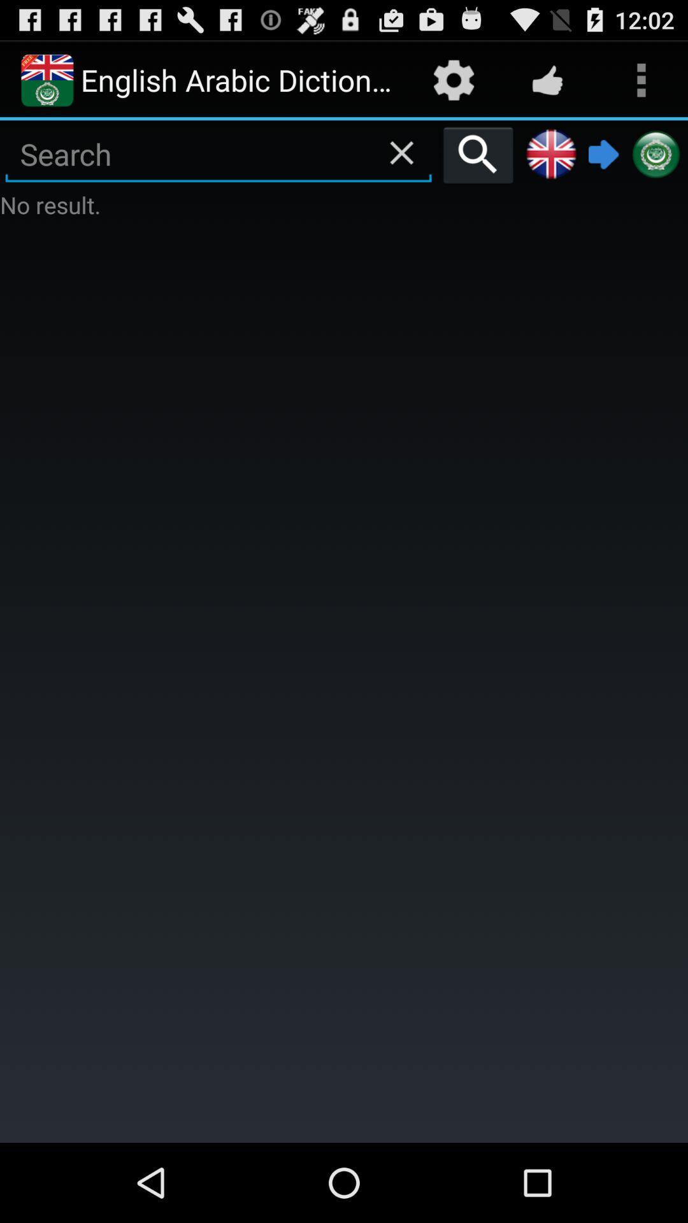 The width and height of the screenshot is (688, 1223). What do you see at coordinates (401, 162) in the screenshot?
I see `the close icon` at bounding box center [401, 162].